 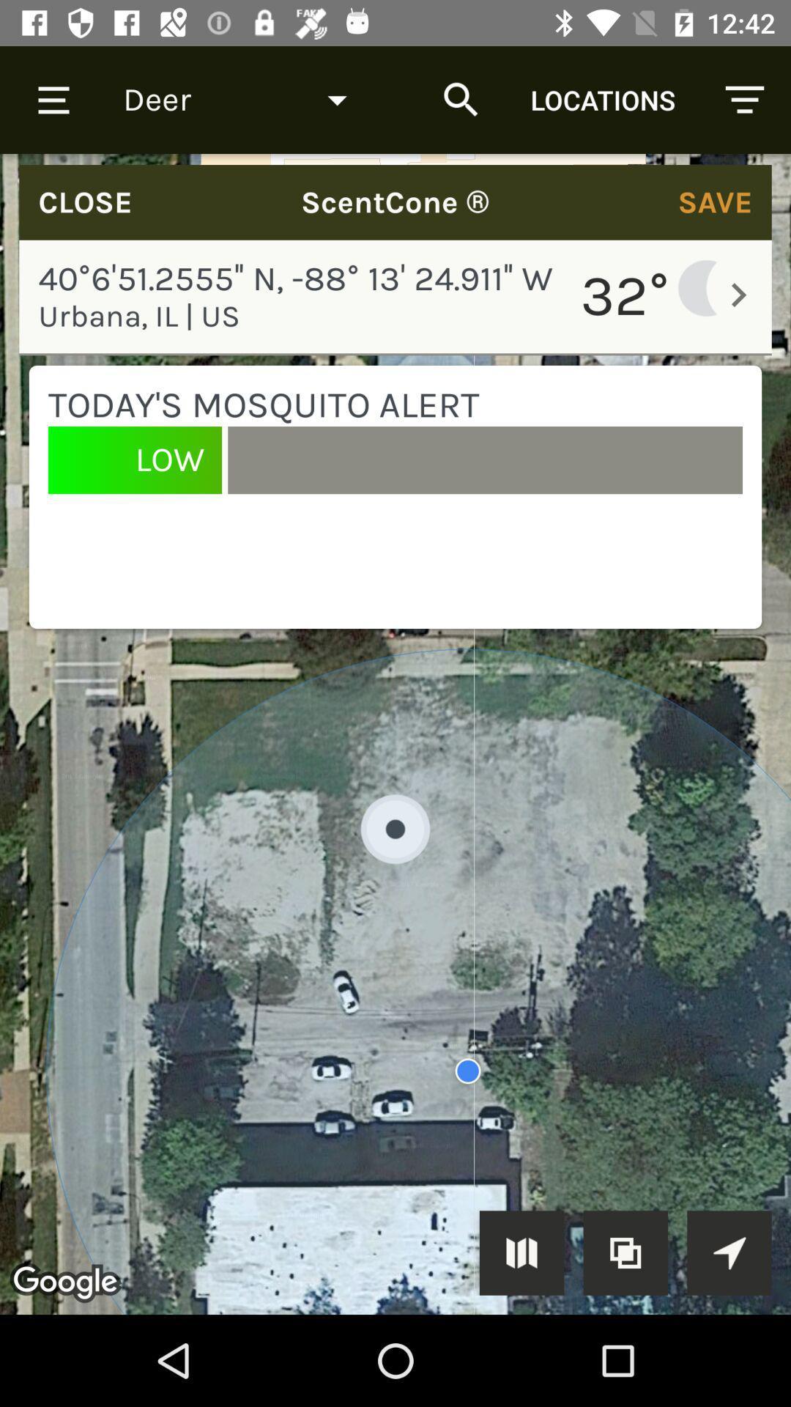 I want to click on the navigation icon, so click(x=729, y=1252).